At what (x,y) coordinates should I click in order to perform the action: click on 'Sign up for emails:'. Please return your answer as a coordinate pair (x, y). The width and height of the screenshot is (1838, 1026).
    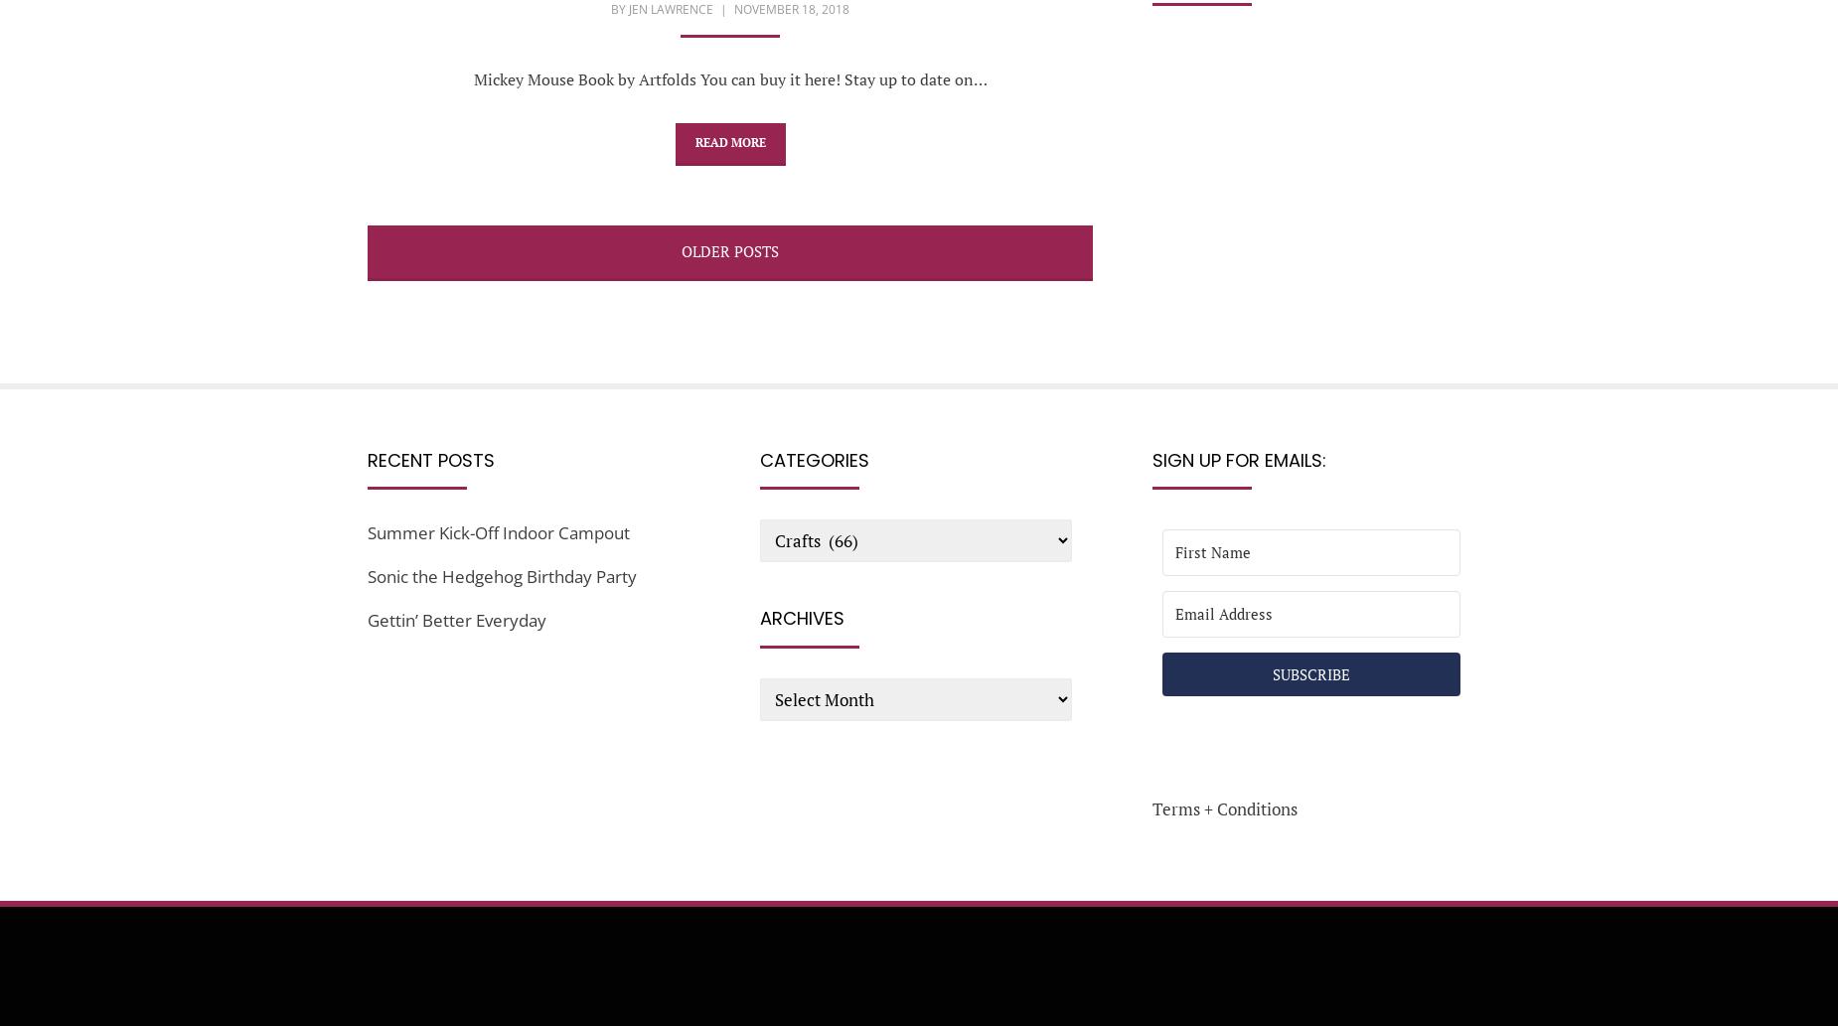
    Looking at the image, I should click on (1238, 459).